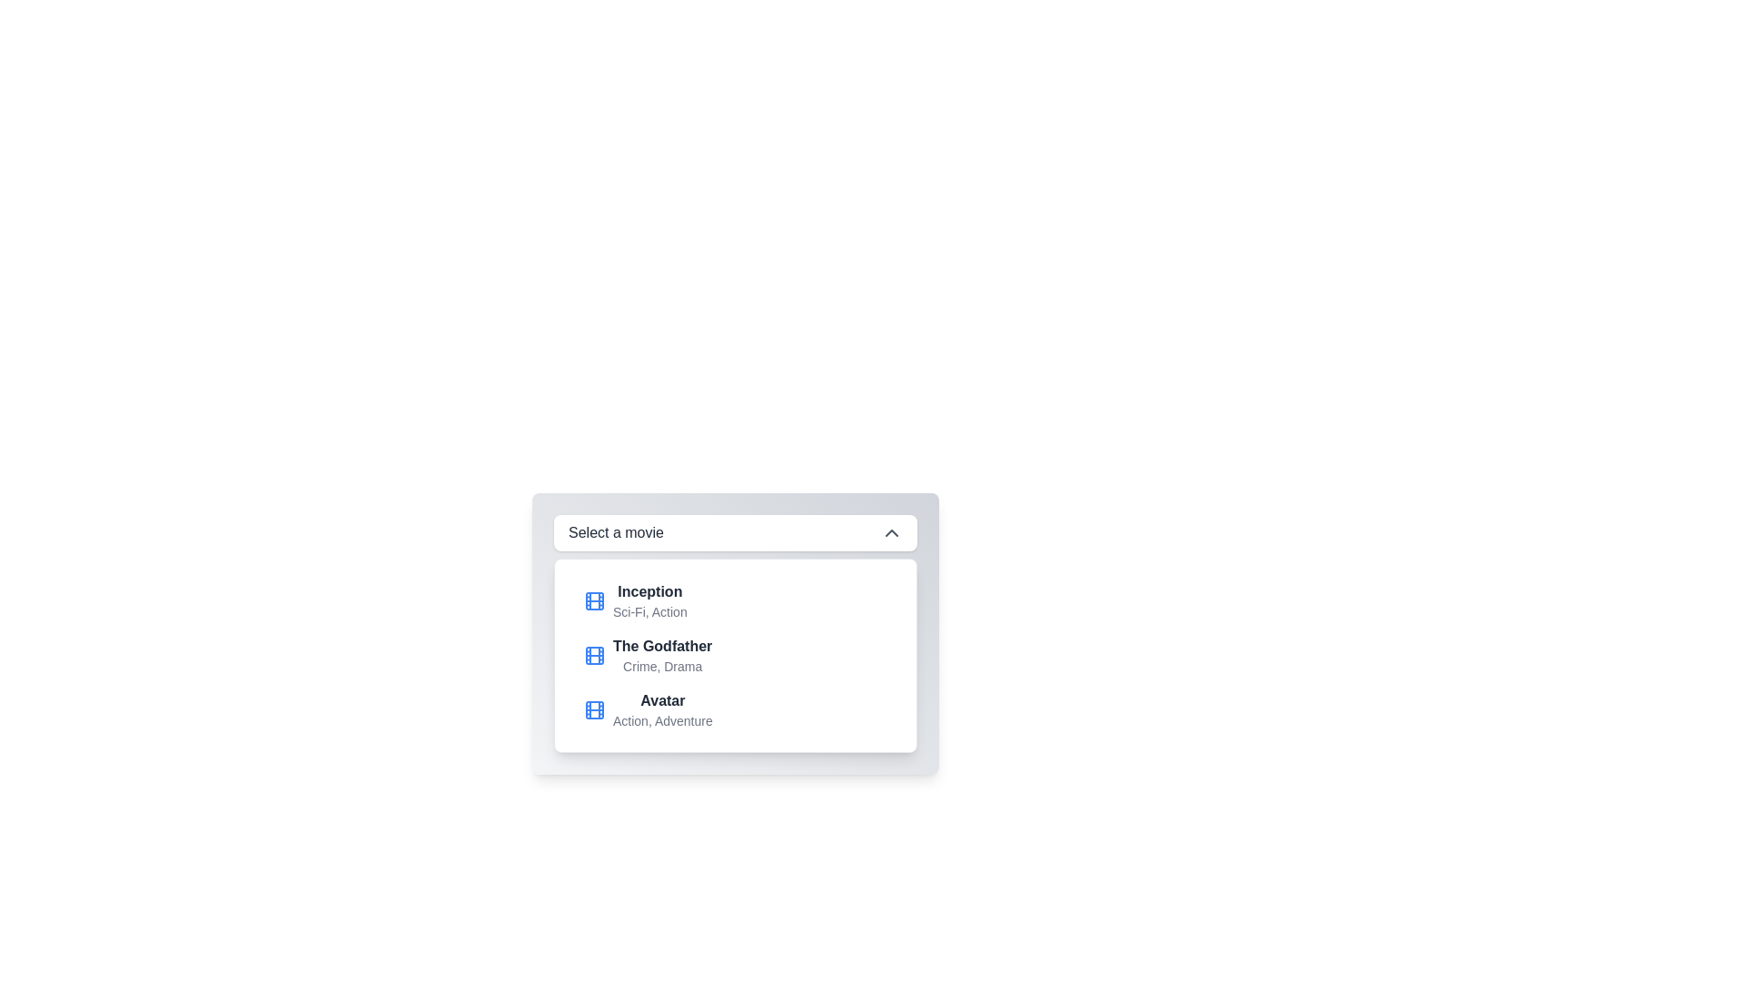 The height and width of the screenshot is (981, 1744). I want to click on the first movie item in the dropdown list labeled 'Select a movie', so click(736, 601).